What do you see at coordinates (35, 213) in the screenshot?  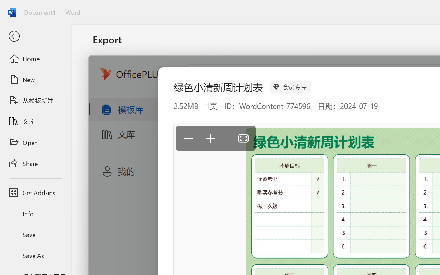 I see `'Info'` at bounding box center [35, 213].